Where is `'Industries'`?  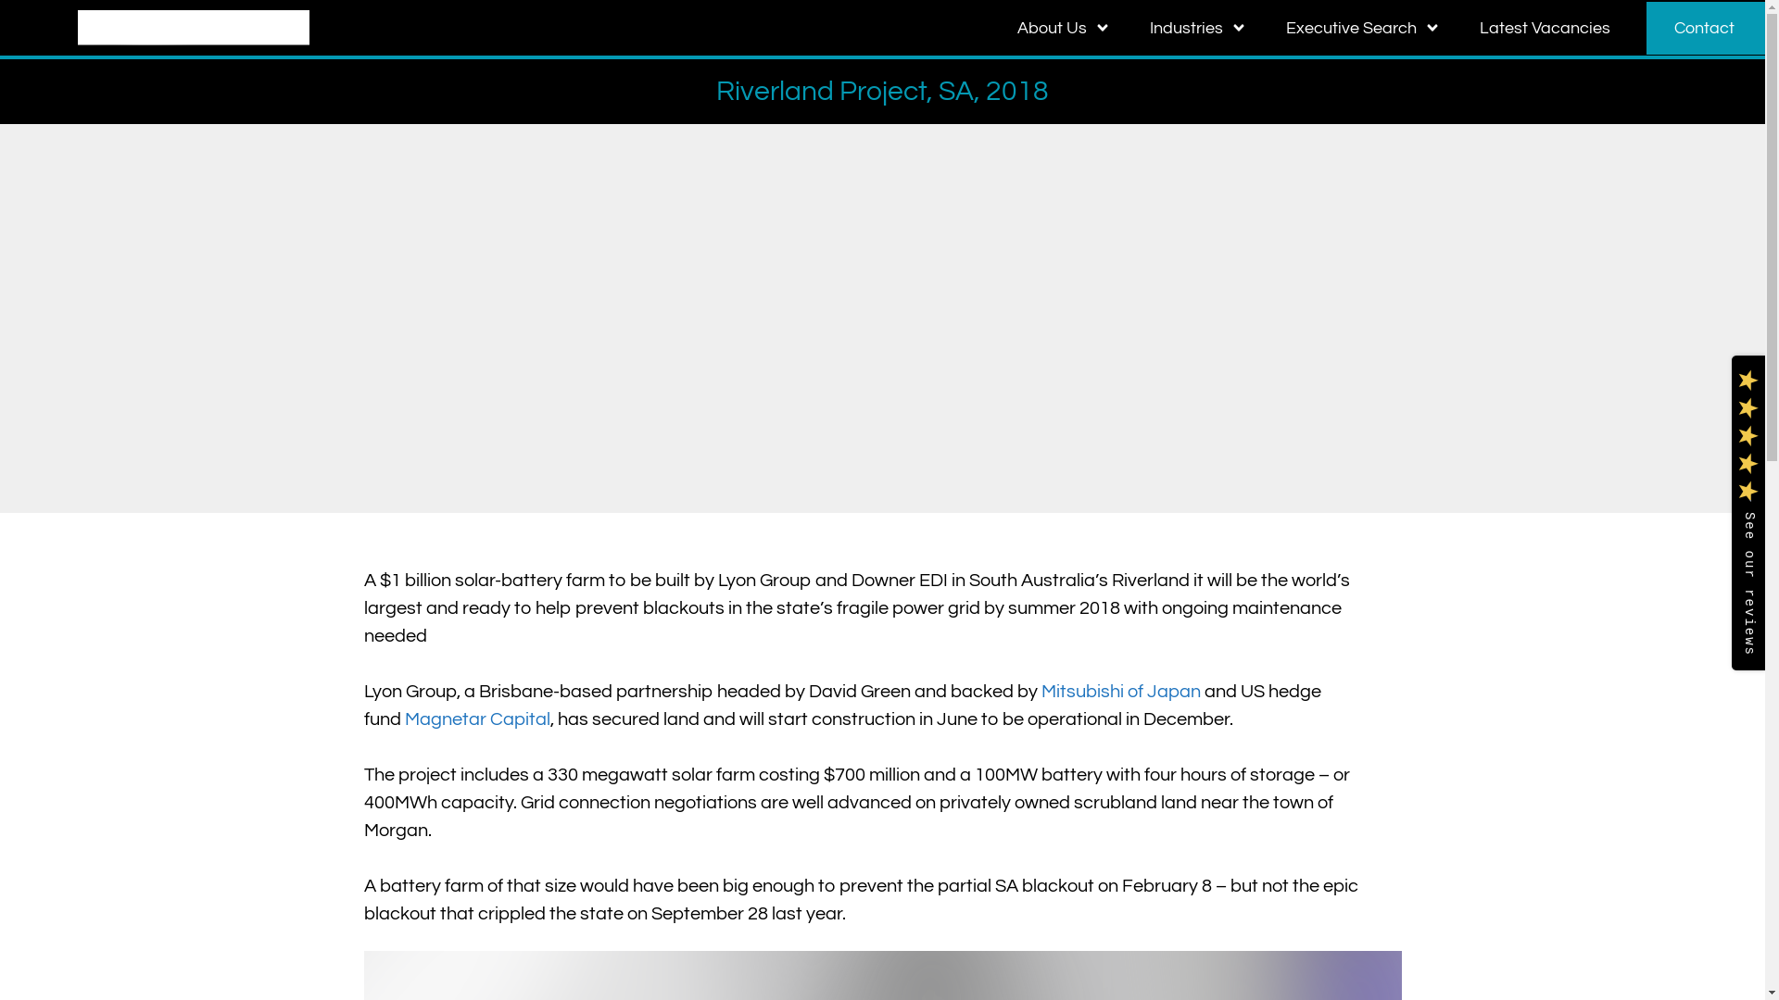
'Industries' is located at coordinates (1187, 27).